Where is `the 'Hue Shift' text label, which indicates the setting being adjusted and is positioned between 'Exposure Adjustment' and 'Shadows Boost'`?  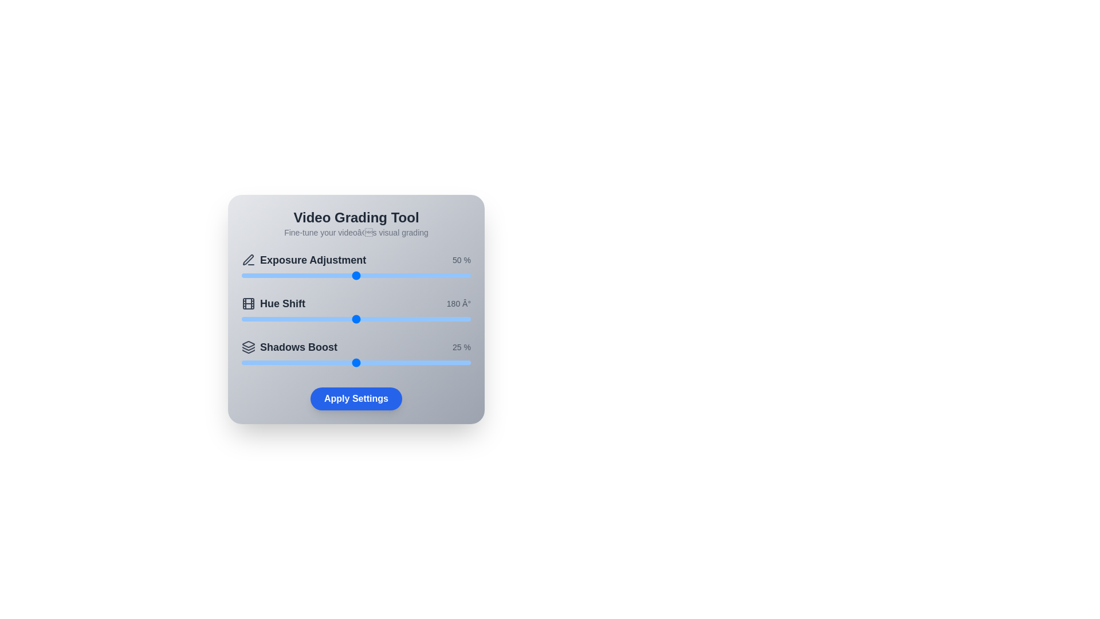
the 'Hue Shift' text label, which indicates the setting being adjusted and is positioned between 'Exposure Adjustment' and 'Shadows Boost' is located at coordinates (273, 303).